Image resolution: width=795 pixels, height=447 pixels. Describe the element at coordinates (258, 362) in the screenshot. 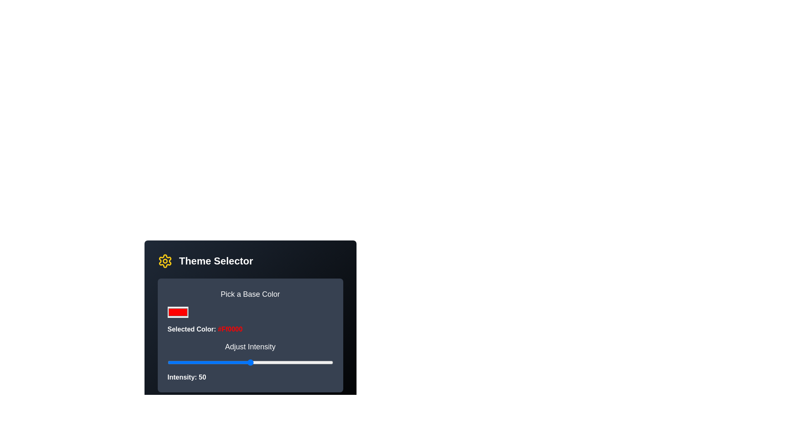

I see `the intensity slider to 55%` at that location.